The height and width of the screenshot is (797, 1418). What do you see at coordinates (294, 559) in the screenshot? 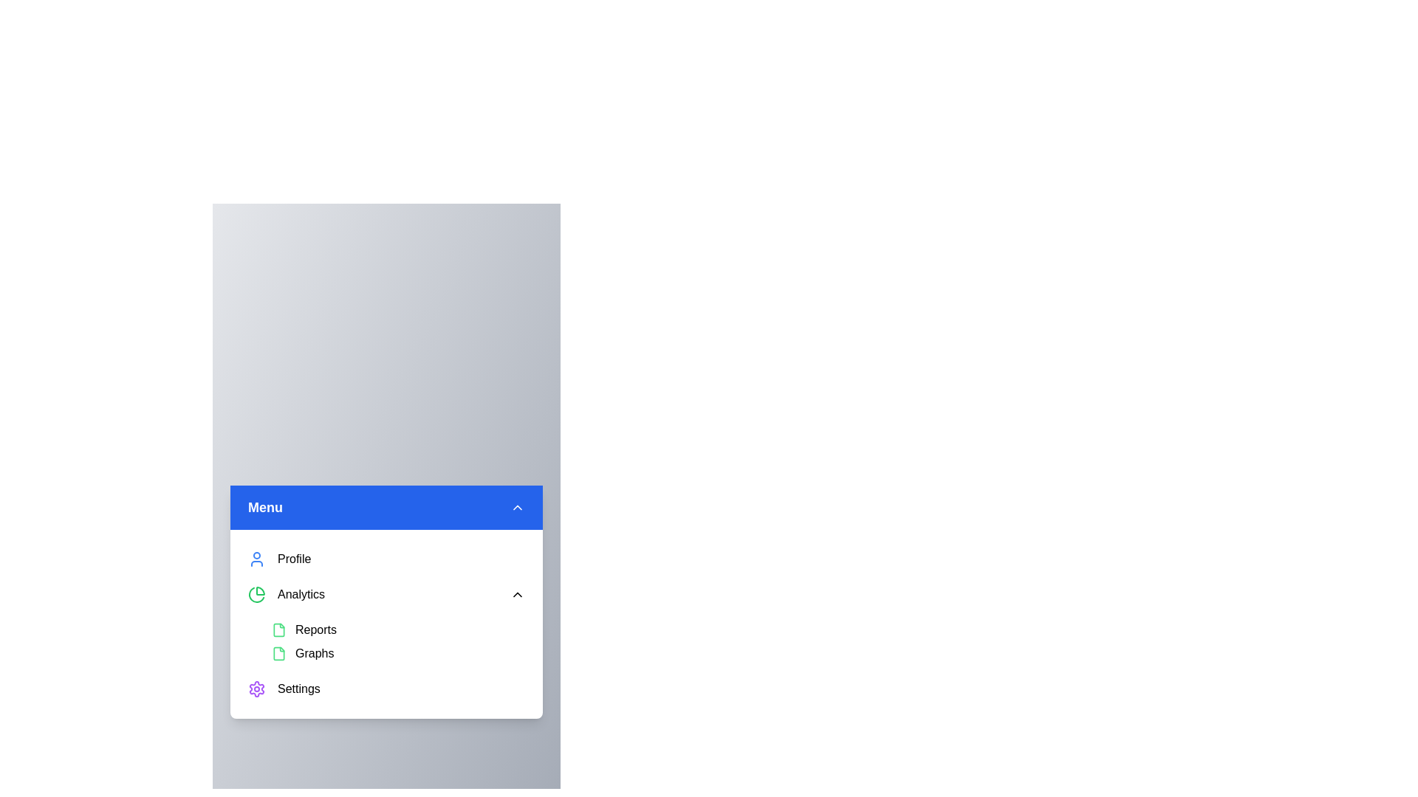
I see `the 'Profile' text label in the vertical navigation menu, which is aligned with a blue user icon and is the first item under the 'Menu' header` at bounding box center [294, 559].